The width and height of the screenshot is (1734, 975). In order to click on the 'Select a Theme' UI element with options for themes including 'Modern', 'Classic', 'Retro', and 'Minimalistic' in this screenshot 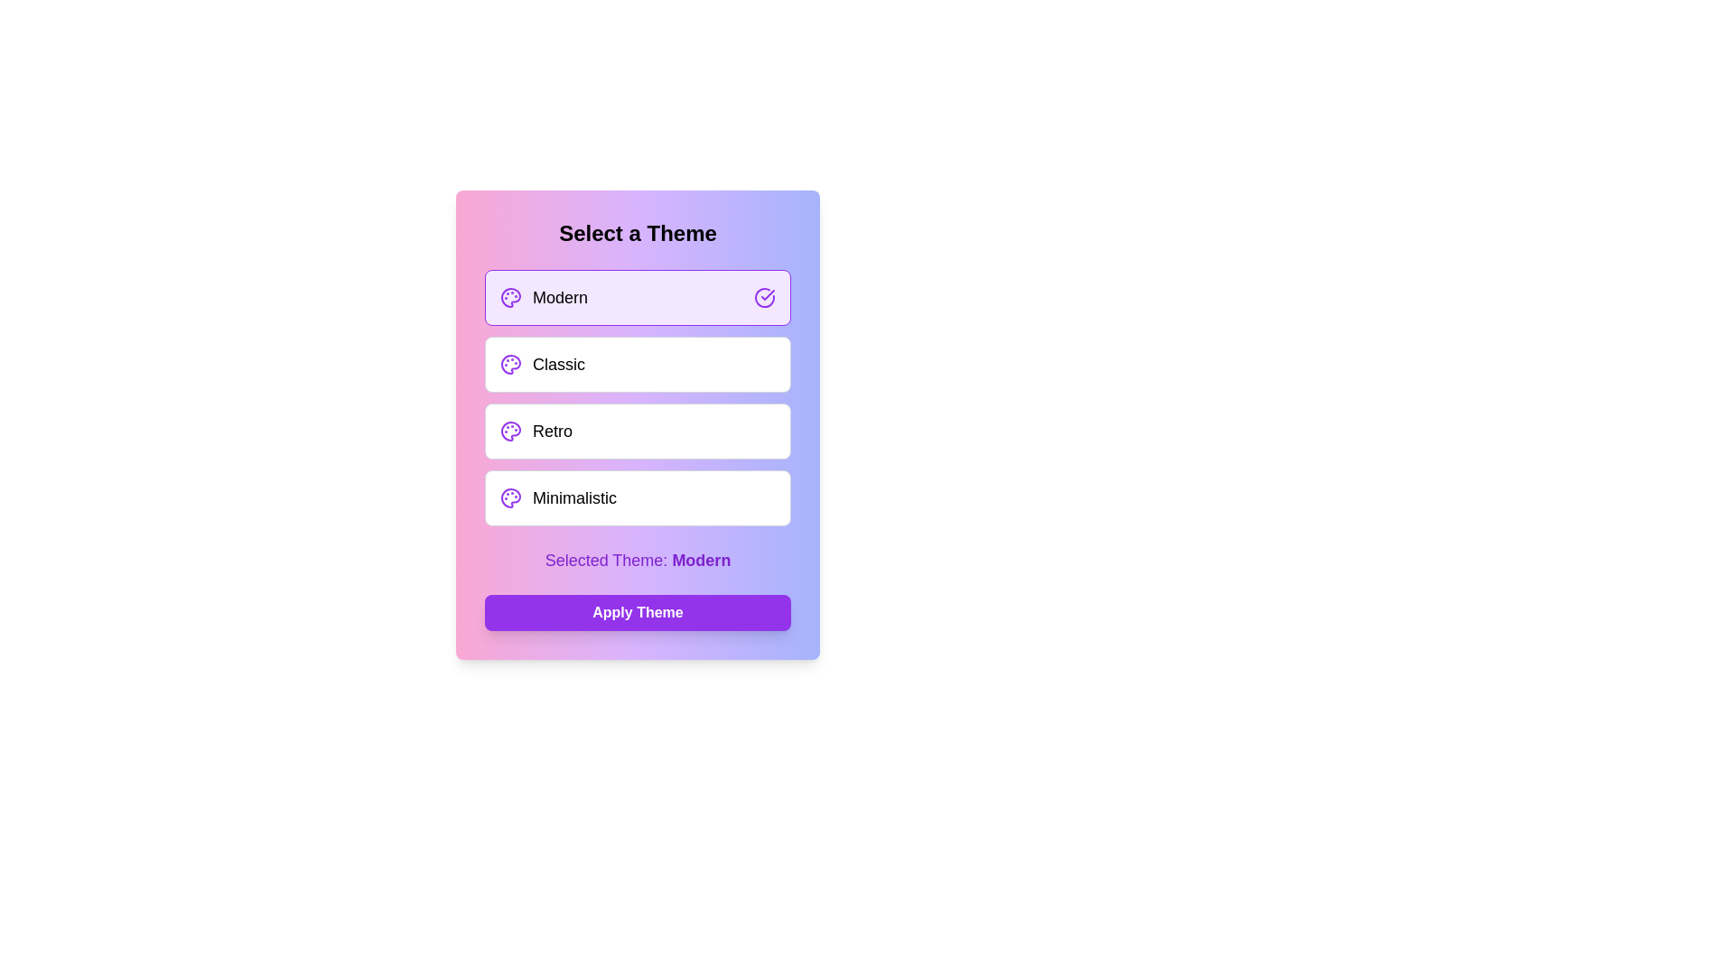, I will do `click(638, 424)`.